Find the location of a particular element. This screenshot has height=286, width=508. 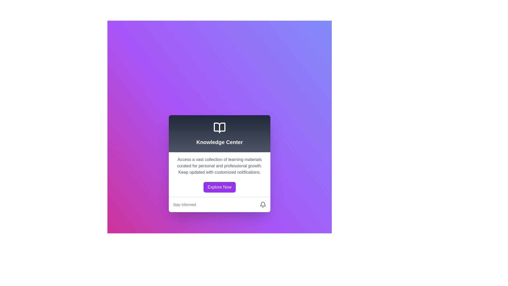

the icon representing an open book, which is located at the bottom part of the SVG component within the UI card, symbolizing knowledge or information is located at coordinates (220, 128).